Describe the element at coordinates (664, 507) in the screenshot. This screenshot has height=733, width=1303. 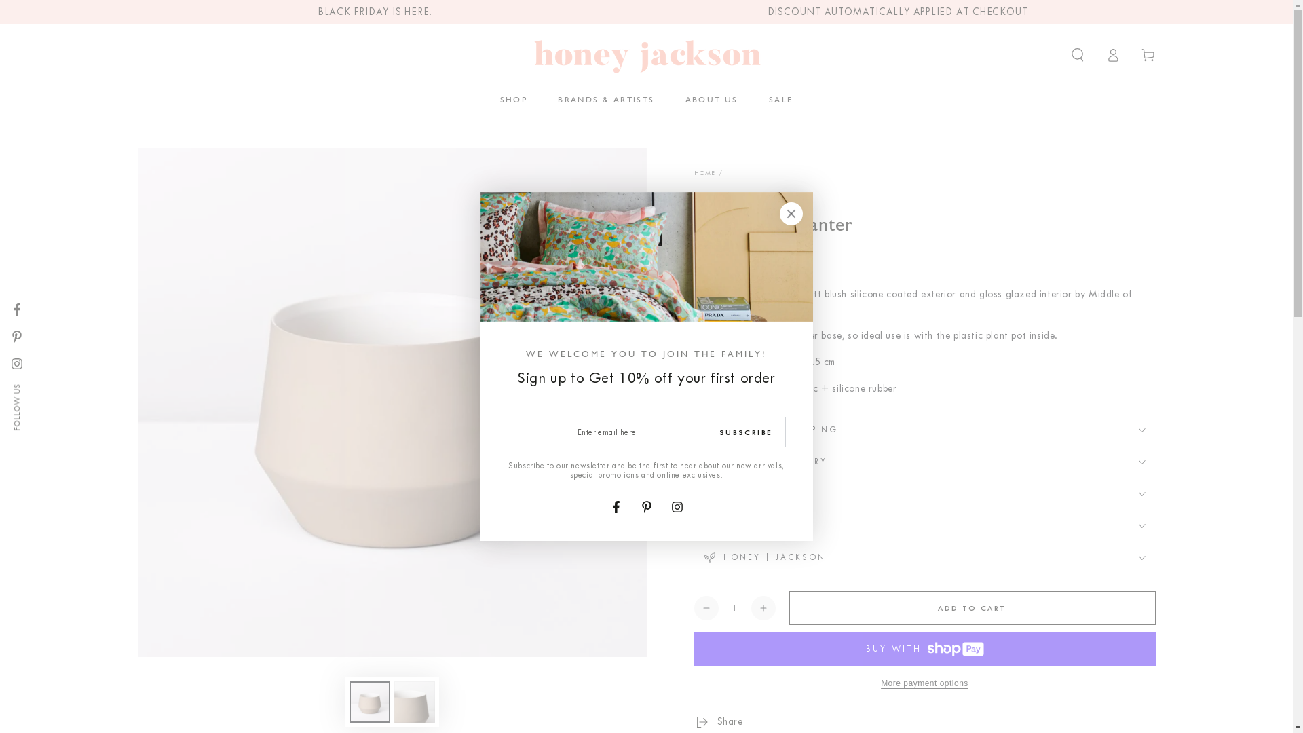
I see `'Instagram'` at that location.